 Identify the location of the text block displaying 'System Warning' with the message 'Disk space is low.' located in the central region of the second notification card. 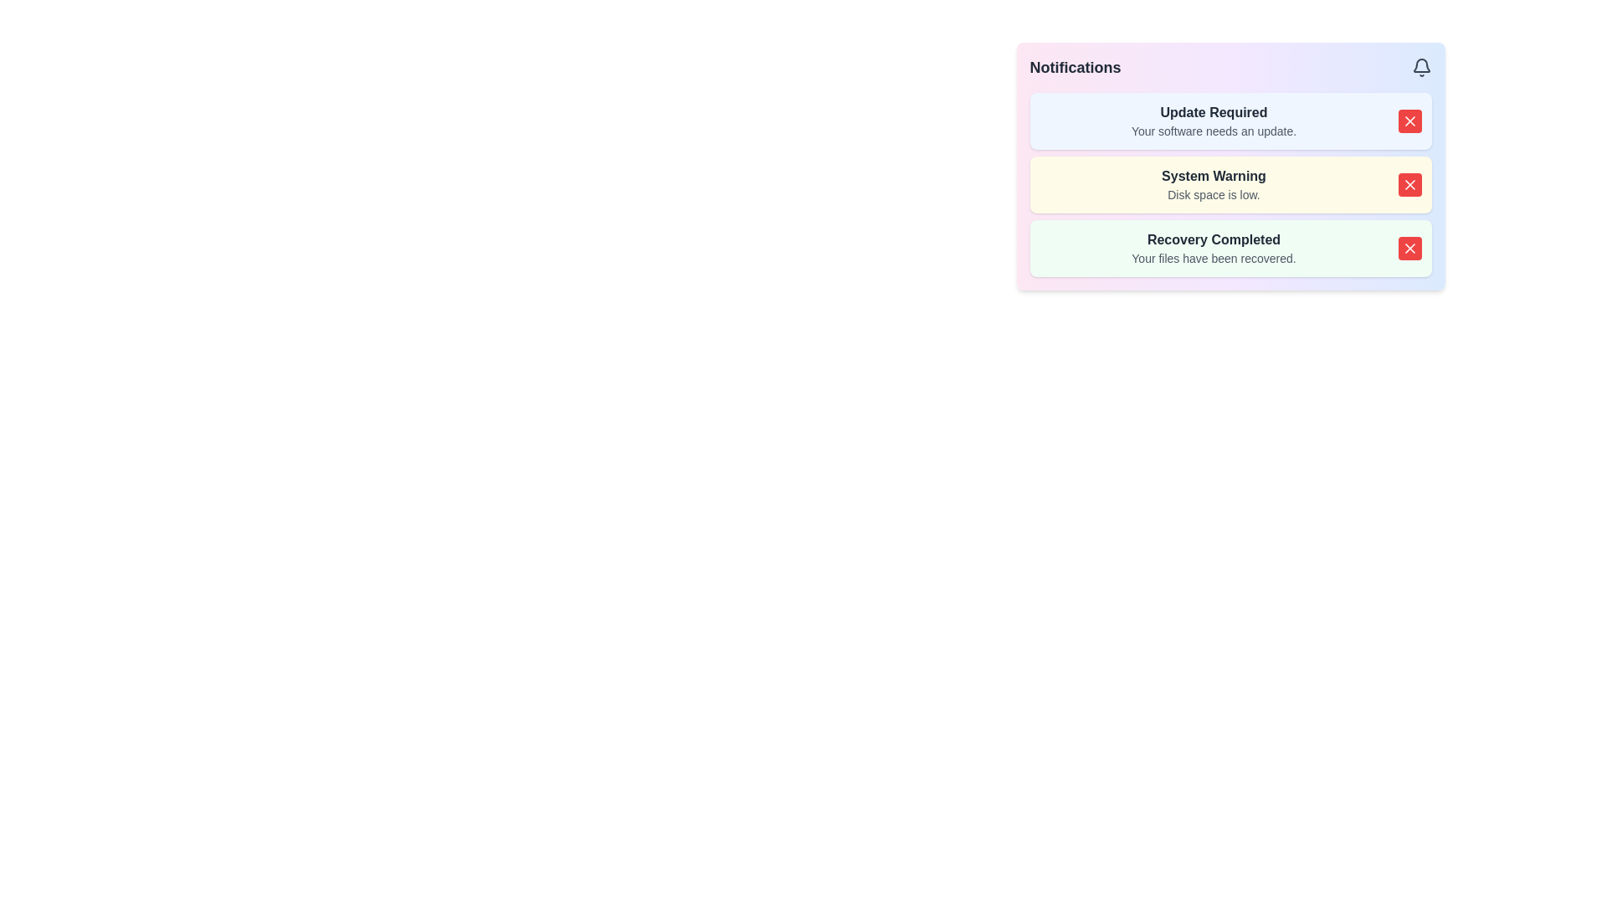
(1214, 184).